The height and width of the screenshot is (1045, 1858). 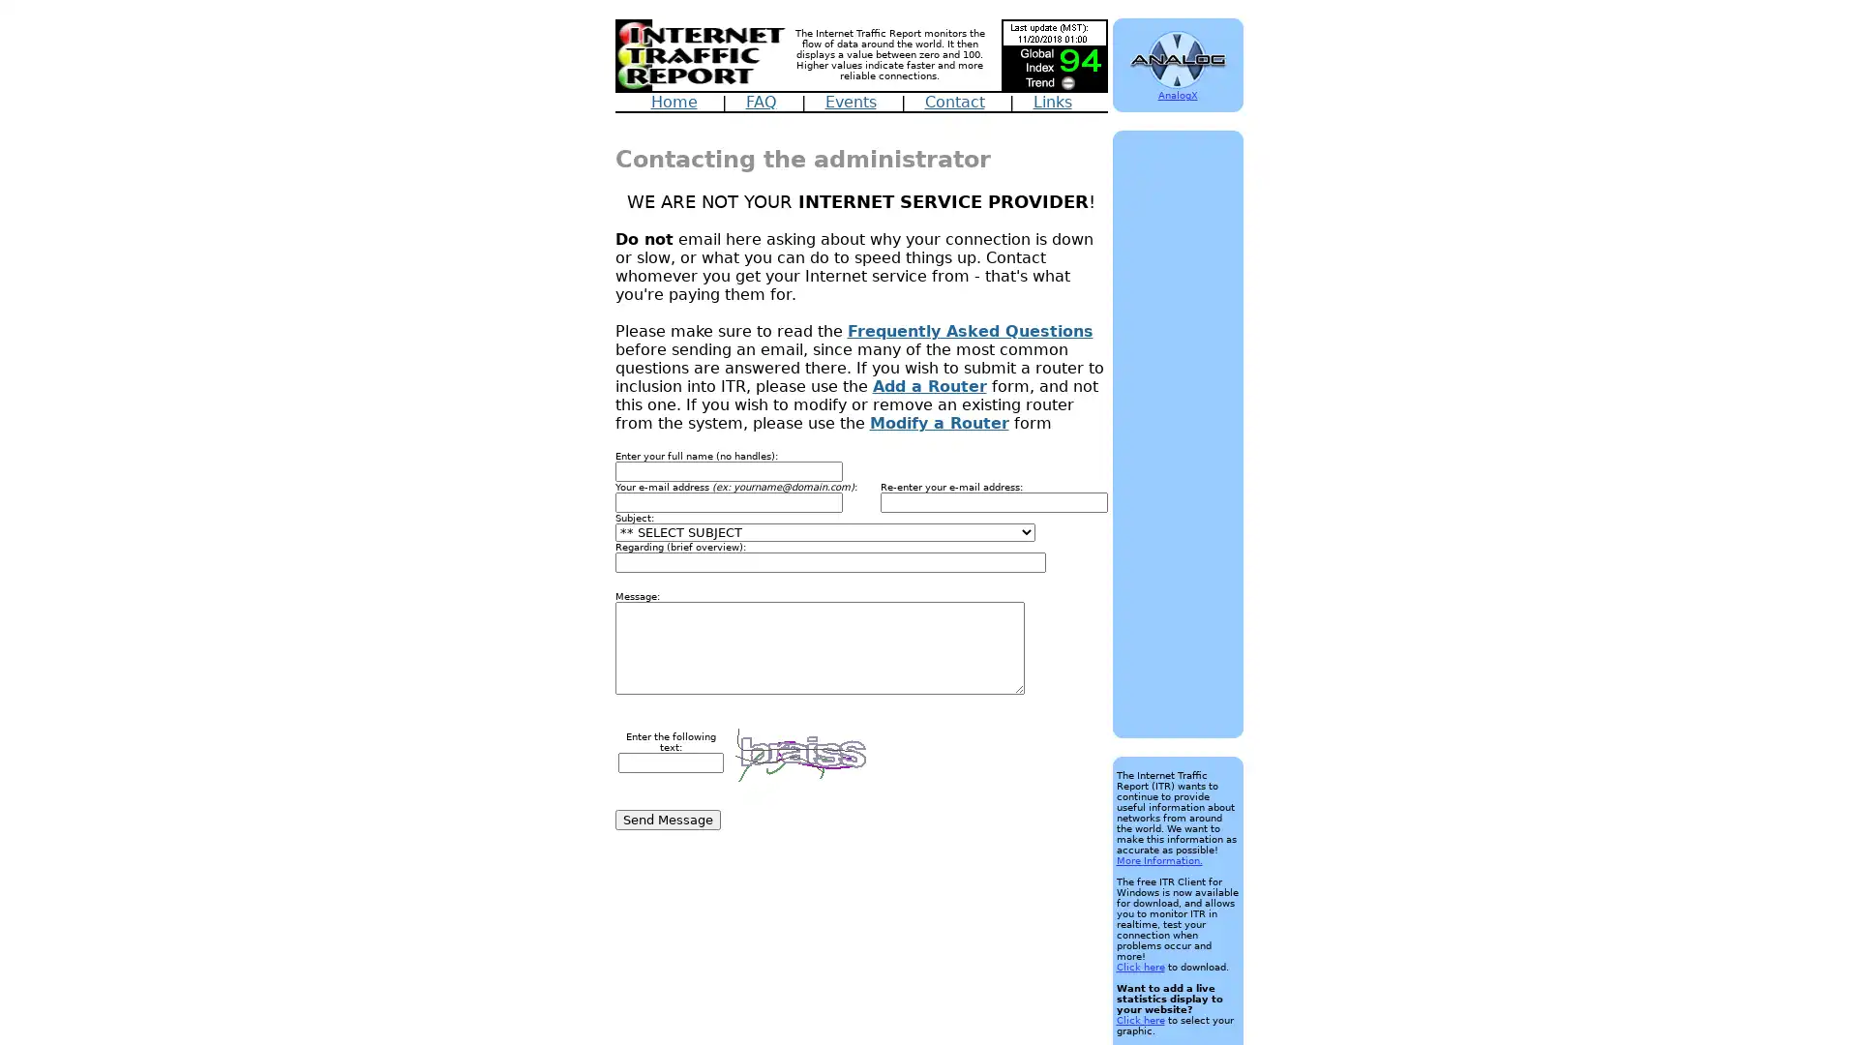 I want to click on Send Message, so click(x=667, y=820).